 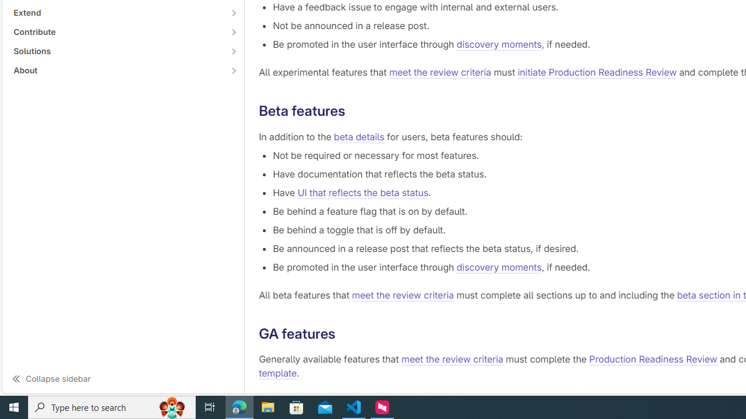 What do you see at coordinates (117, 31) in the screenshot?
I see `'Contribute'` at bounding box center [117, 31].